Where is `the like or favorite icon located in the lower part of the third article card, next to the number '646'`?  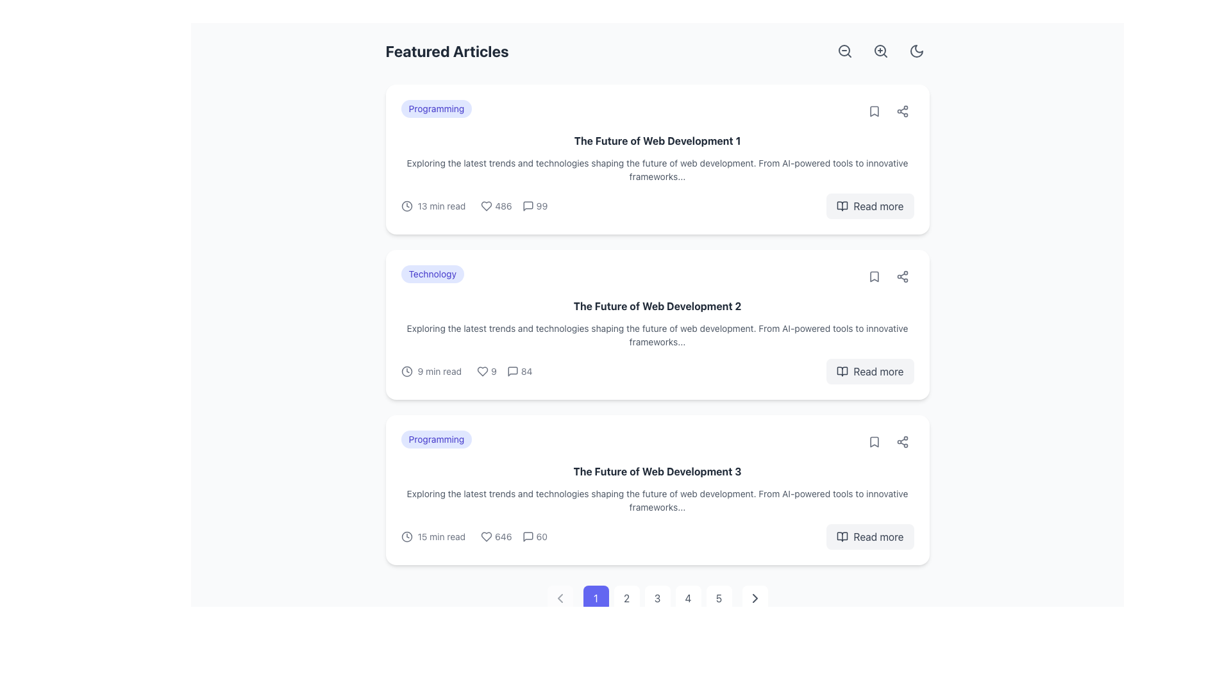 the like or favorite icon located in the lower part of the third article card, next to the number '646' is located at coordinates (485, 536).